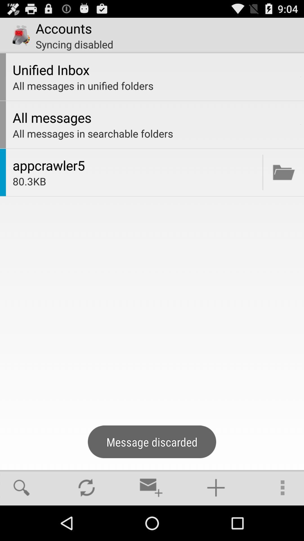 Image resolution: width=304 pixels, height=541 pixels. I want to click on message discarded, so click(284, 172).